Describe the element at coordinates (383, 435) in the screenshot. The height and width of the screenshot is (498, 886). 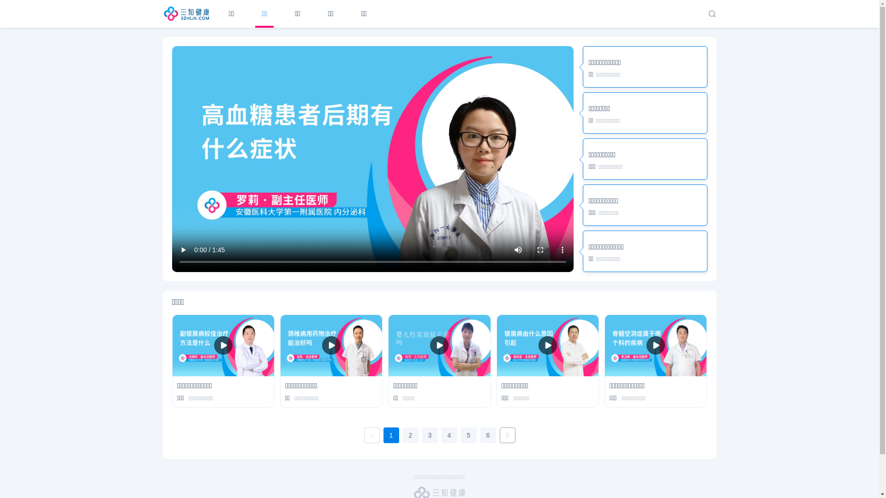
I see `'1'` at that location.